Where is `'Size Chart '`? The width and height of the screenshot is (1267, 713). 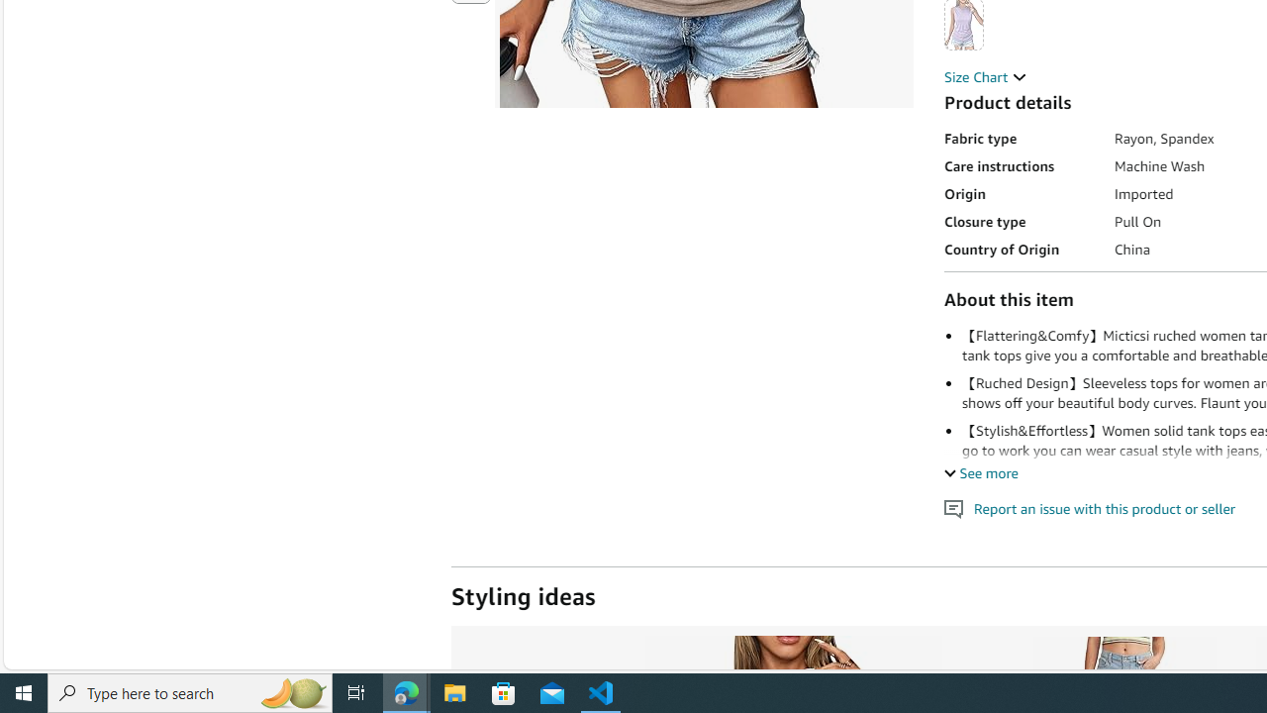
'Size Chart ' is located at coordinates (985, 75).